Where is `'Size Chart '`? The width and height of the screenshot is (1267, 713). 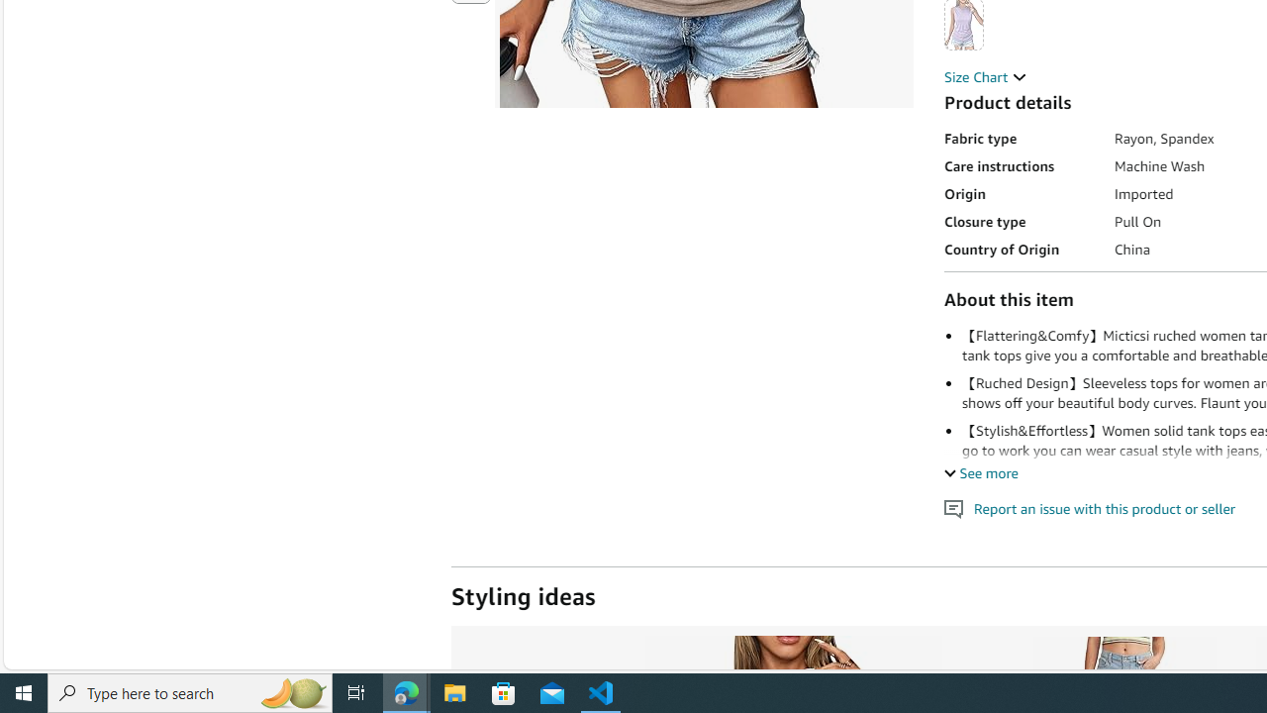
'Size Chart ' is located at coordinates (985, 75).